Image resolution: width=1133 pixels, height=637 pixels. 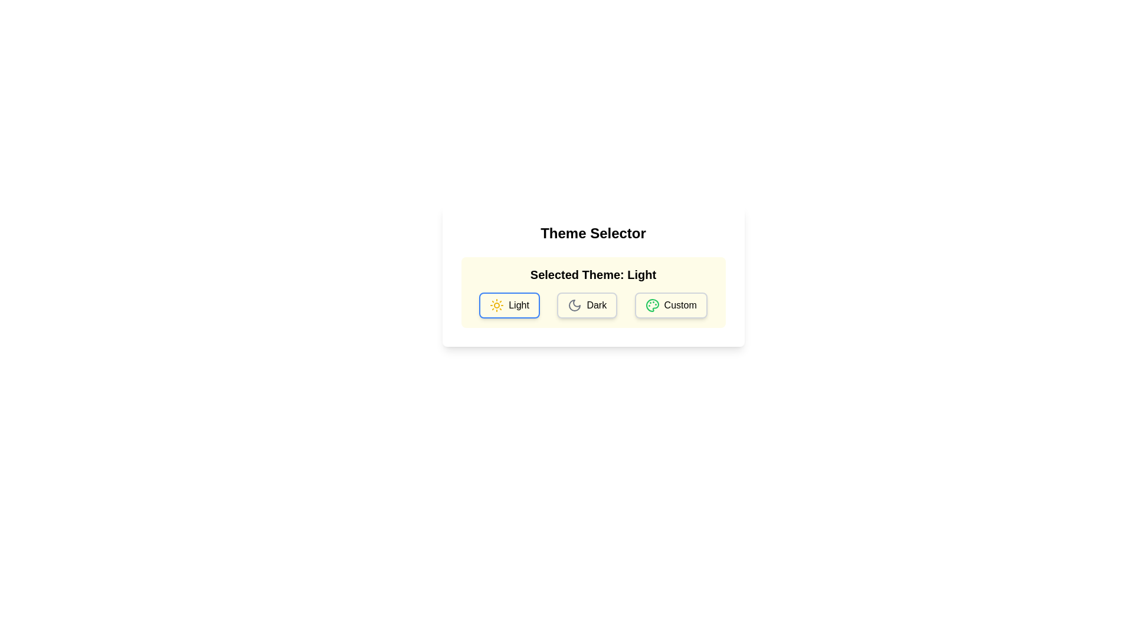 I want to click on the gray crescent moon icon adjacent to the text 'Dark' in the theme selection options, so click(x=575, y=304).